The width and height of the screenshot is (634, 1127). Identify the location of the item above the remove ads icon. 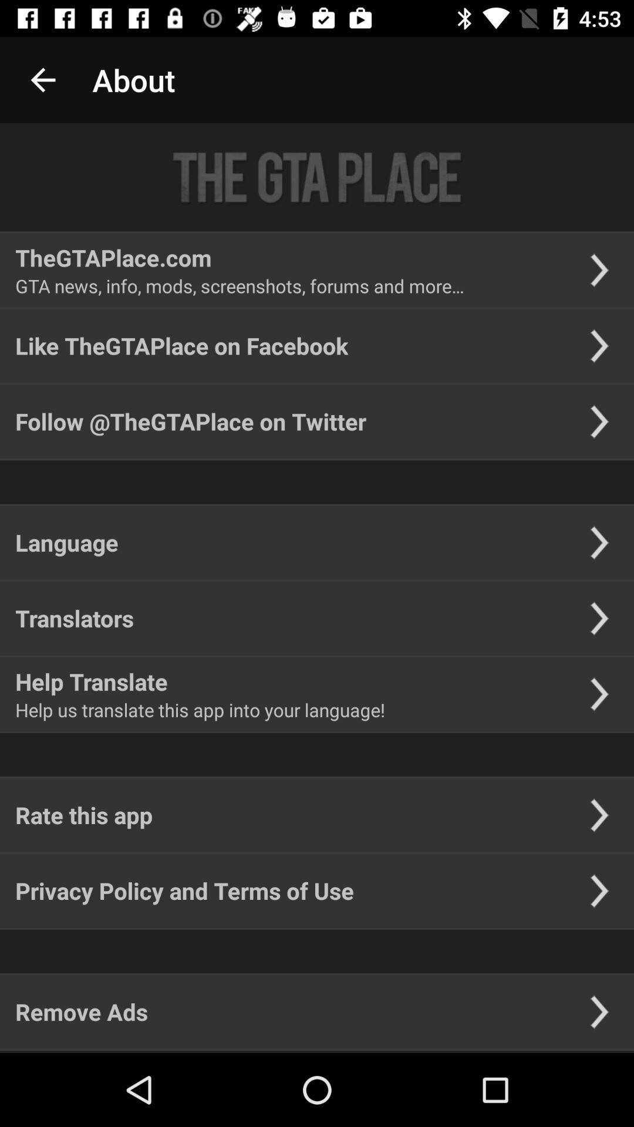
(184, 890).